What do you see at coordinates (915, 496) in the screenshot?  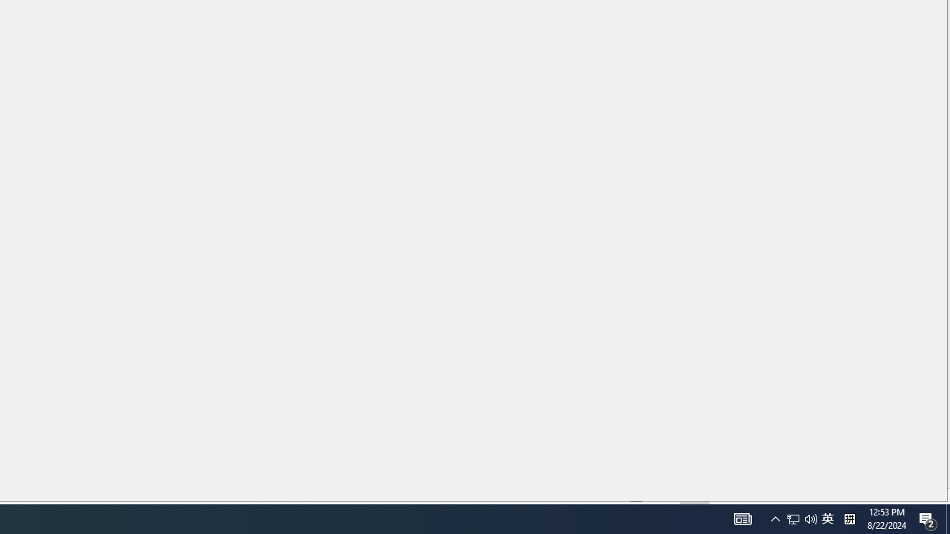 I see `'Zoom 150%'` at bounding box center [915, 496].